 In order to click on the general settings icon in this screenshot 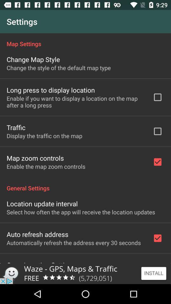, I will do `click(85, 185)`.